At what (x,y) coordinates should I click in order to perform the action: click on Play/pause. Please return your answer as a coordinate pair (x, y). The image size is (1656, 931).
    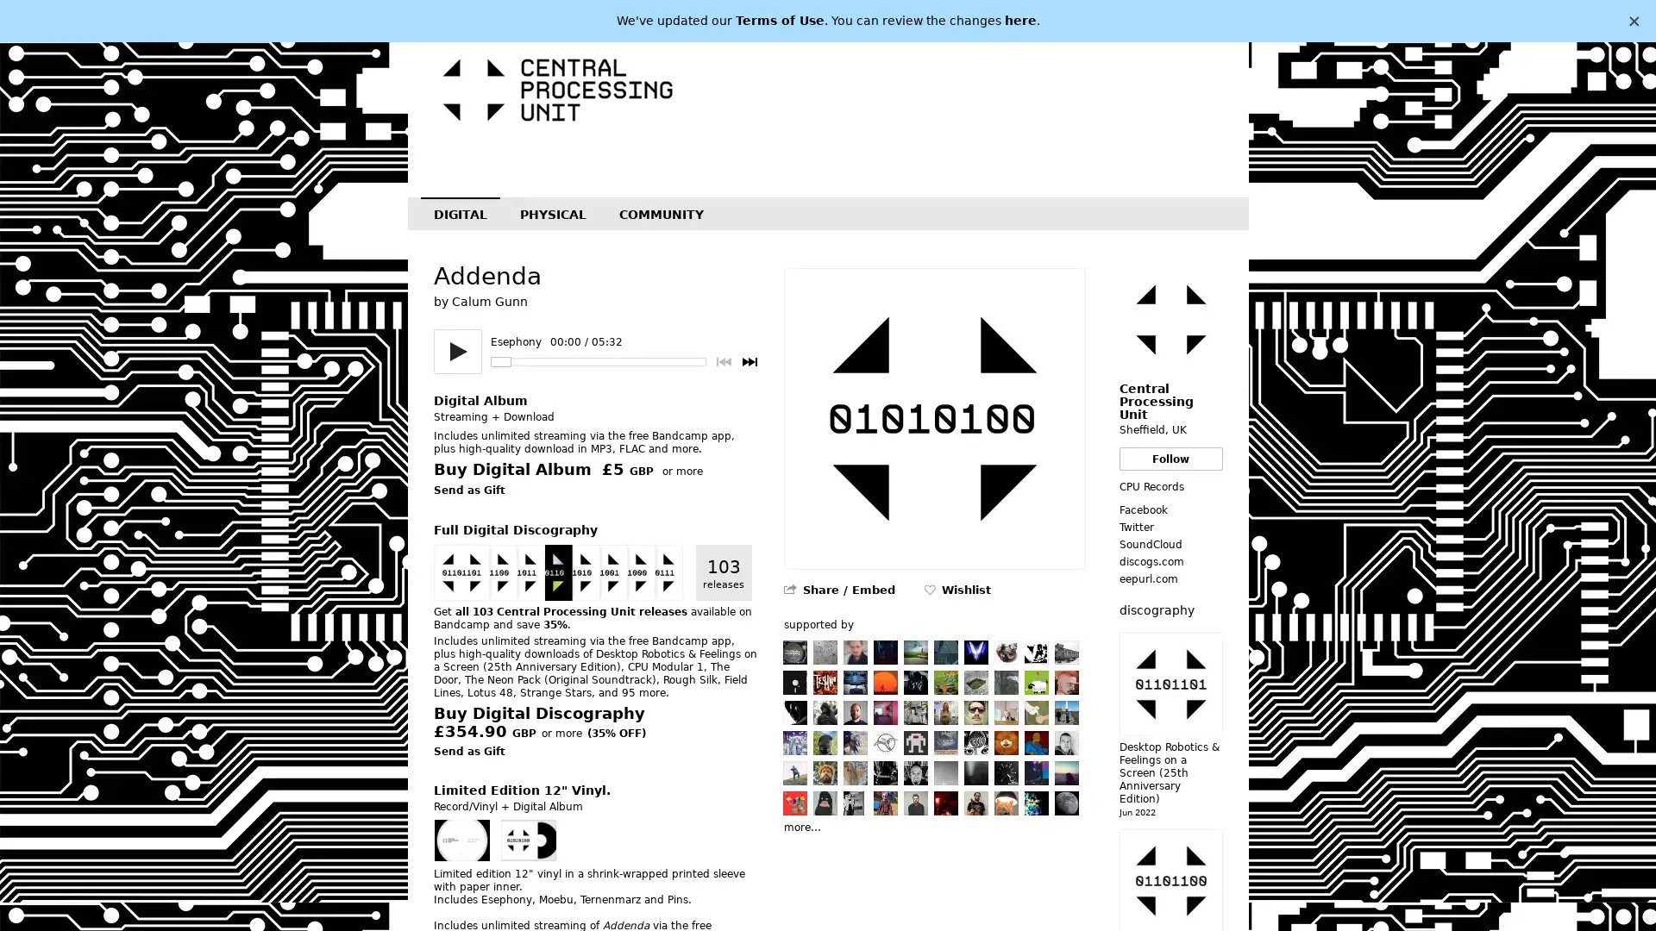
    Looking at the image, I should click on (456, 351).